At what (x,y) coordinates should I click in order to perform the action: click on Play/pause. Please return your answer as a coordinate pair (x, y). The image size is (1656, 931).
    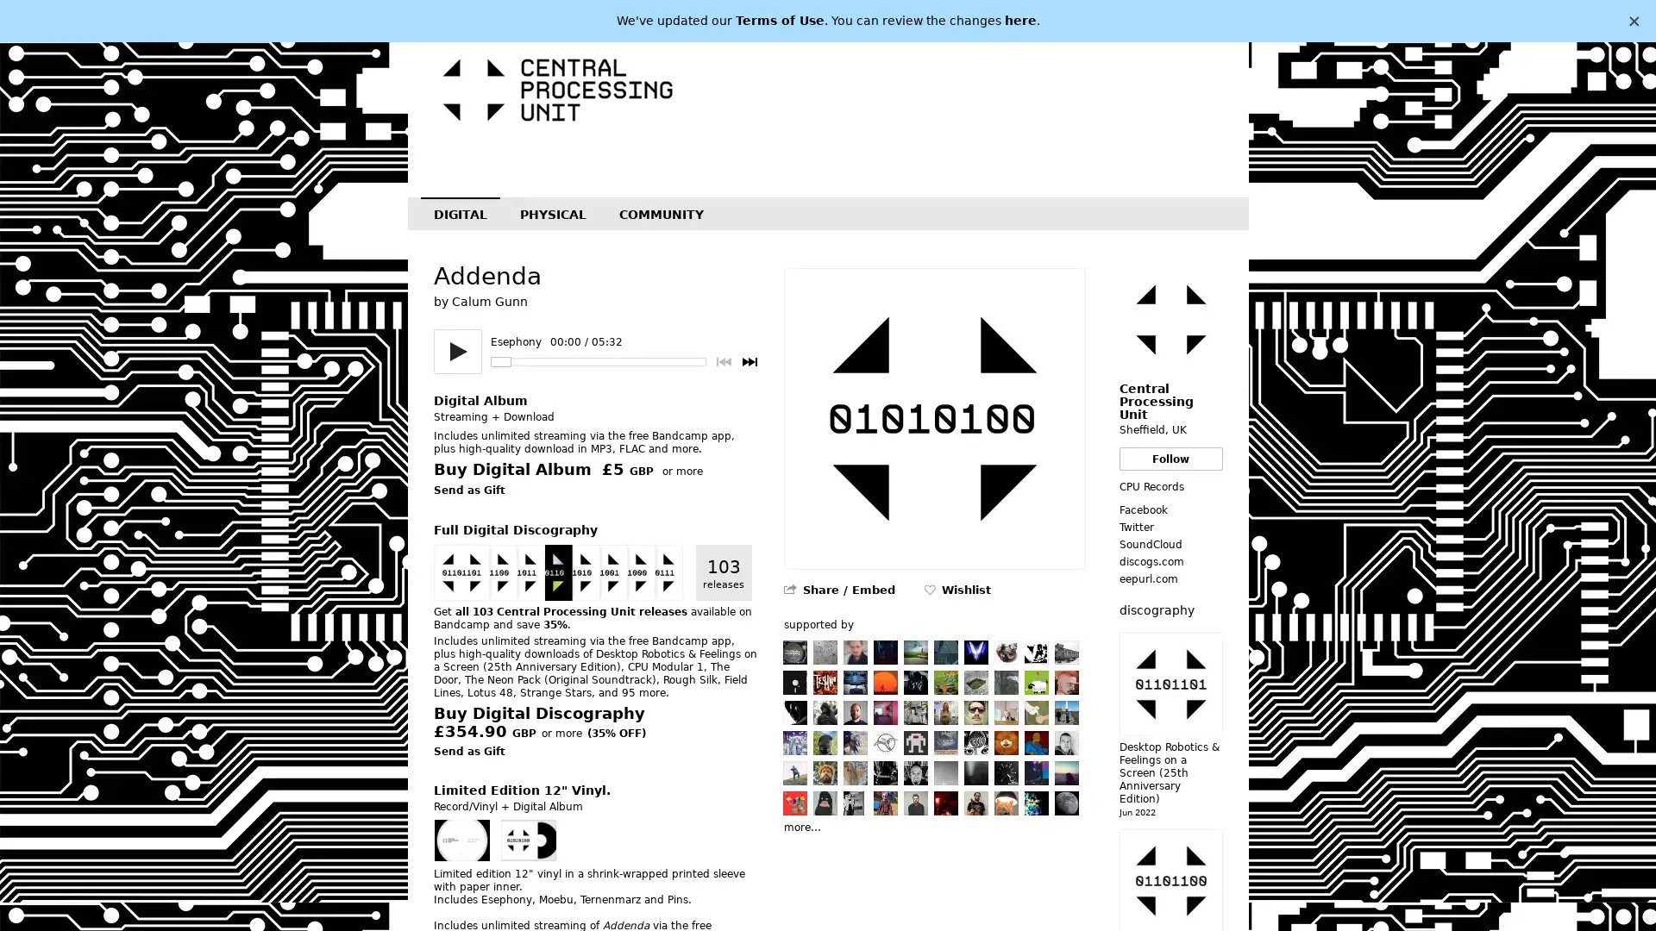
    Looking at the image, I should click on (456, 351).